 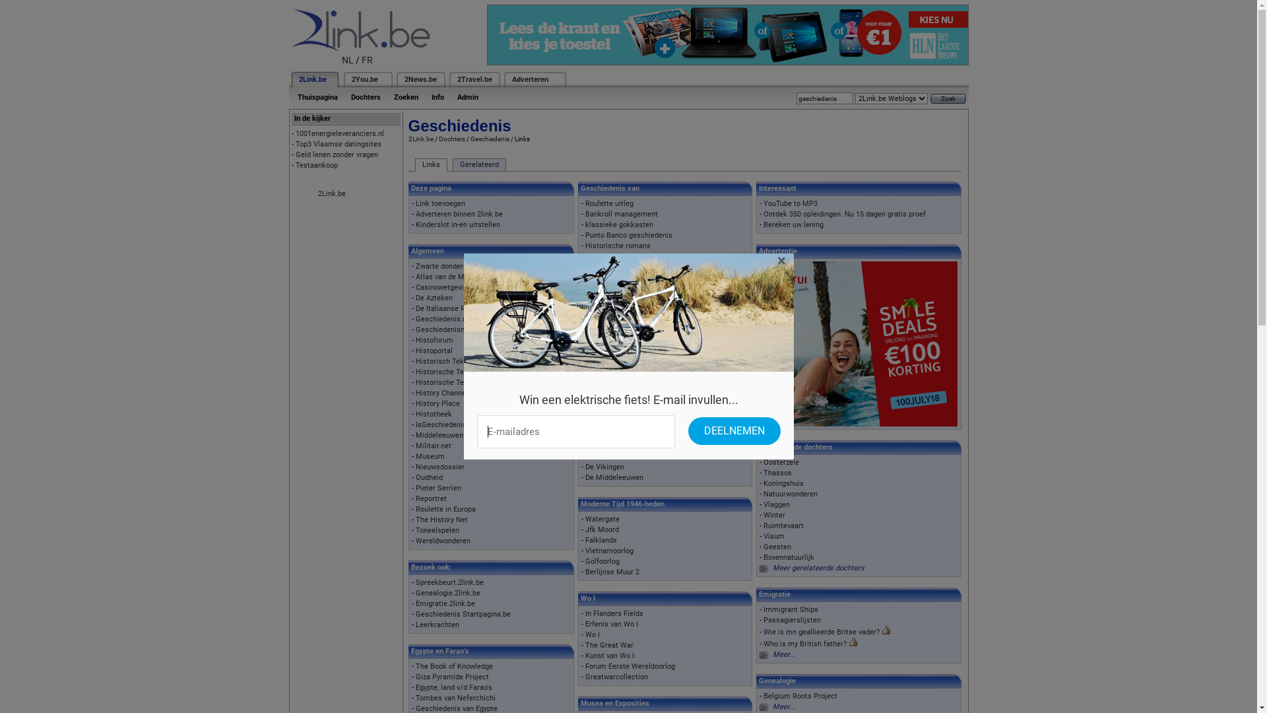 What do you see at coordinates (618, 224) in the screenshot?
I see `'klassieke gokkasten'` at bounding box center [618, 224].